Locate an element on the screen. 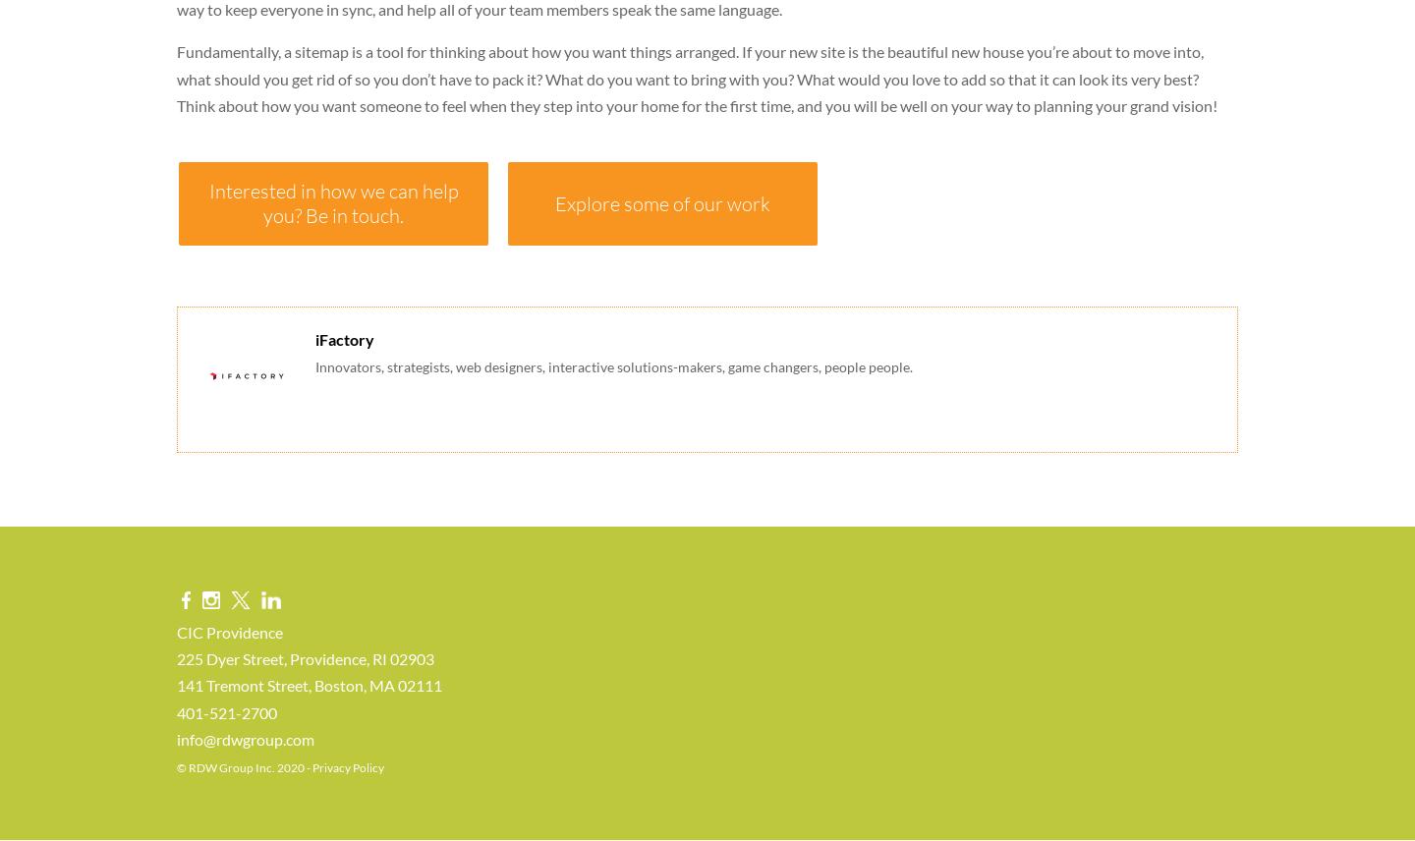  'Explore some of our work' is located at coordinates (662, 201).